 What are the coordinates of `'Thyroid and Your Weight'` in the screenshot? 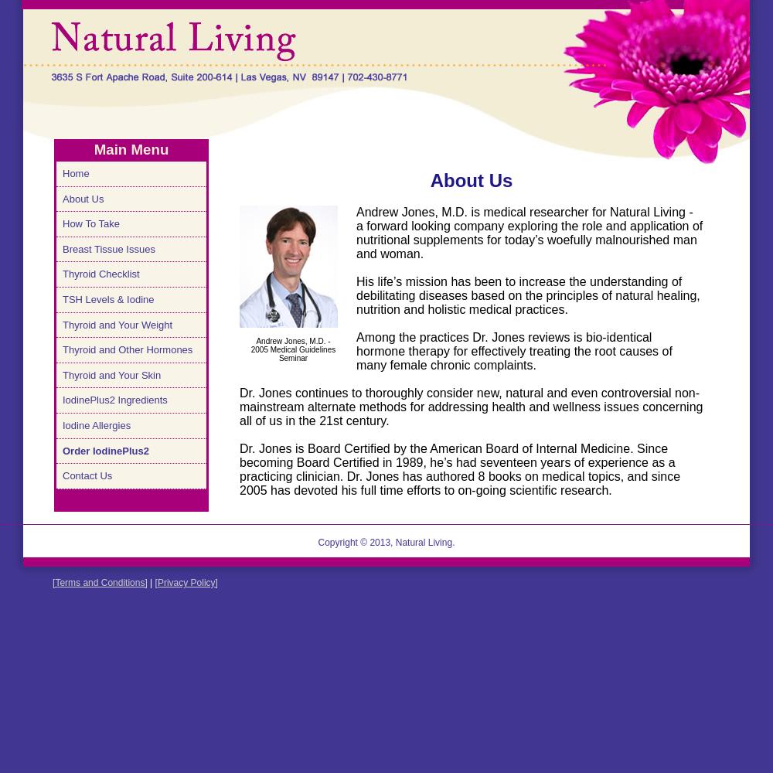 It's located at (117, 324).